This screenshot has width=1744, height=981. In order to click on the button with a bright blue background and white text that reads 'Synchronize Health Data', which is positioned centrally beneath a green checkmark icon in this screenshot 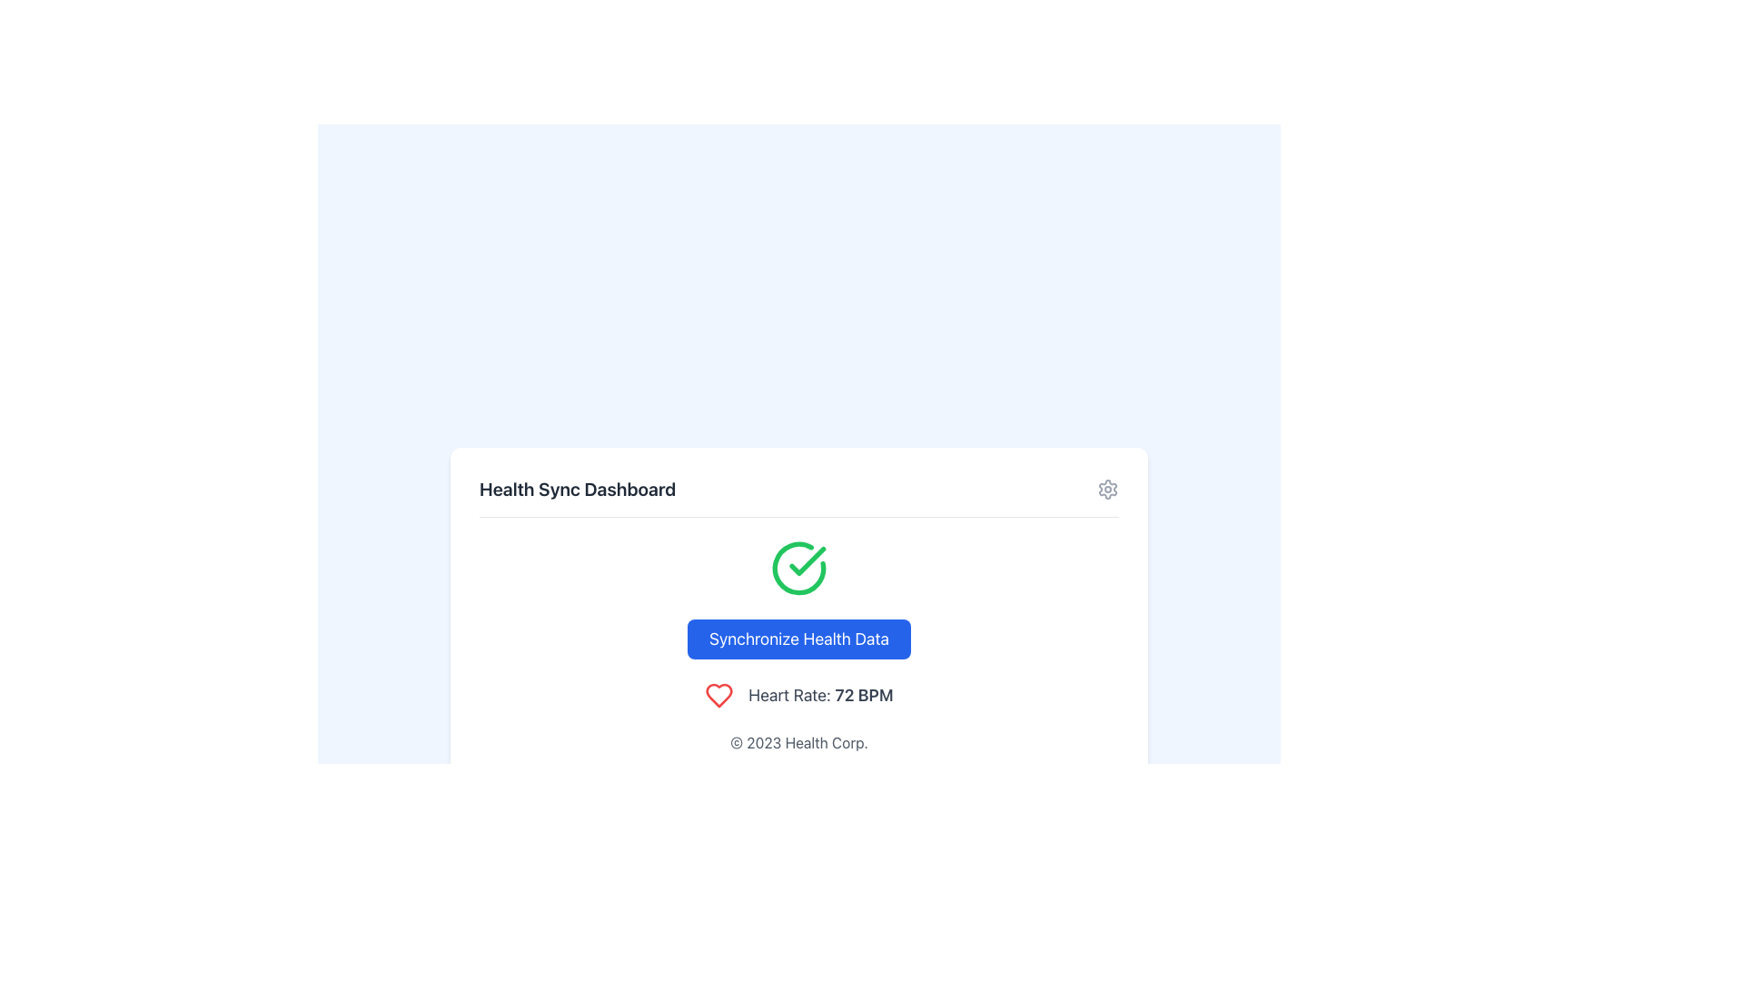, I will do `click(798, 638)`.